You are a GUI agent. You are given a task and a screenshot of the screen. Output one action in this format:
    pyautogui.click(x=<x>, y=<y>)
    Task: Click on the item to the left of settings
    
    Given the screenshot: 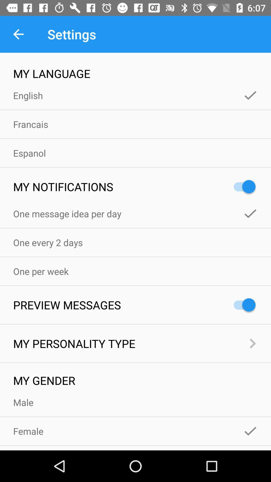 What is the action you would take?
    pyautogui.click(x=18, y=34)
    